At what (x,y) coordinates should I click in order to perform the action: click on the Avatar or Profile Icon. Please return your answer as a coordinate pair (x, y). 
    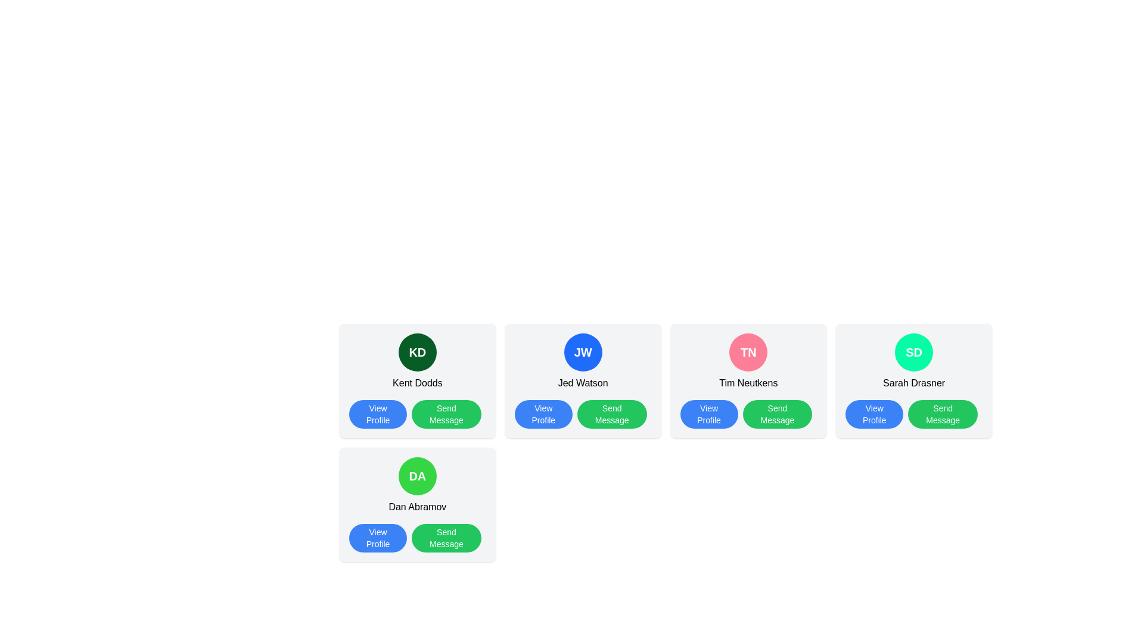
    Looking at the image, I should click on (748, 351).